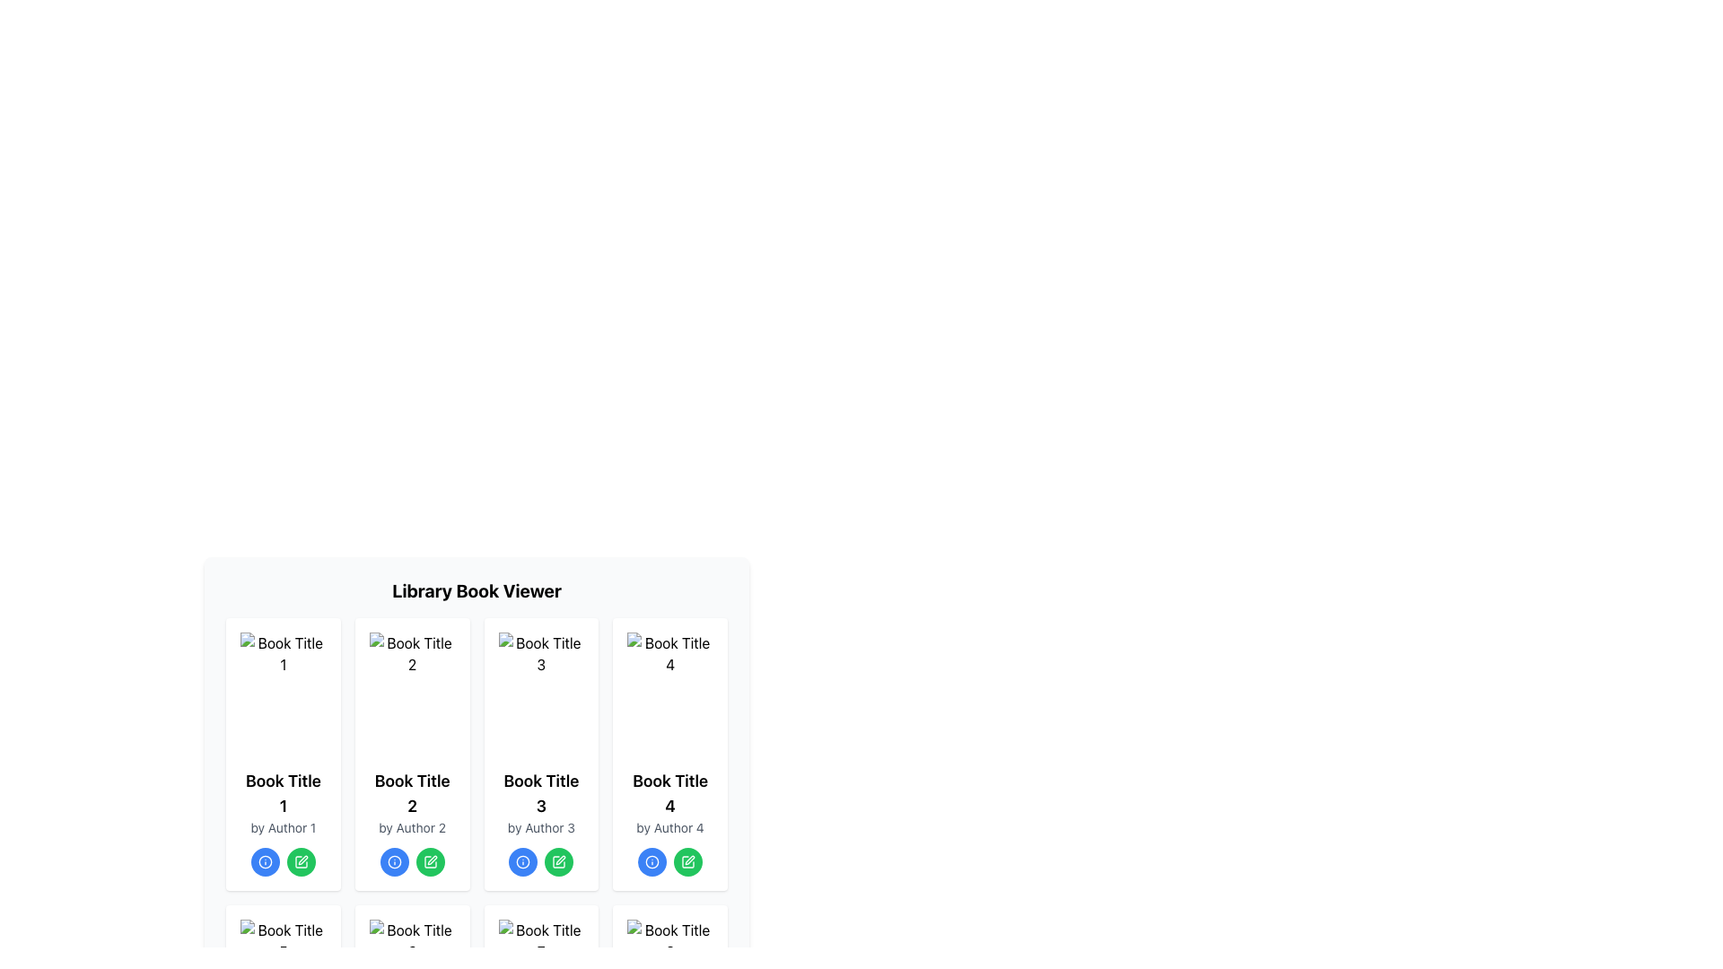  I want to click on the circular blue button with a white border and information icon, so click(393, 860).